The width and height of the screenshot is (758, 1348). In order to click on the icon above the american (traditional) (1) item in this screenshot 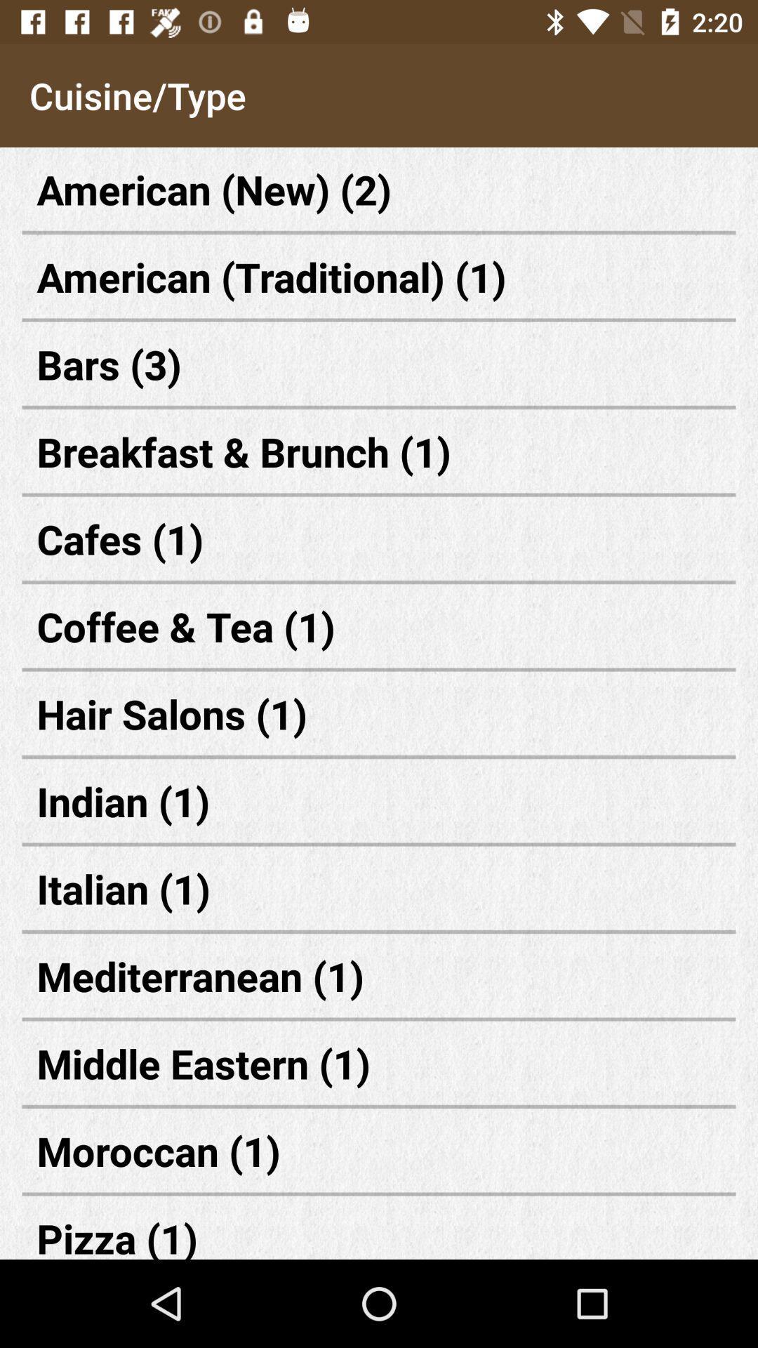, I will do `click(379, 188)`.